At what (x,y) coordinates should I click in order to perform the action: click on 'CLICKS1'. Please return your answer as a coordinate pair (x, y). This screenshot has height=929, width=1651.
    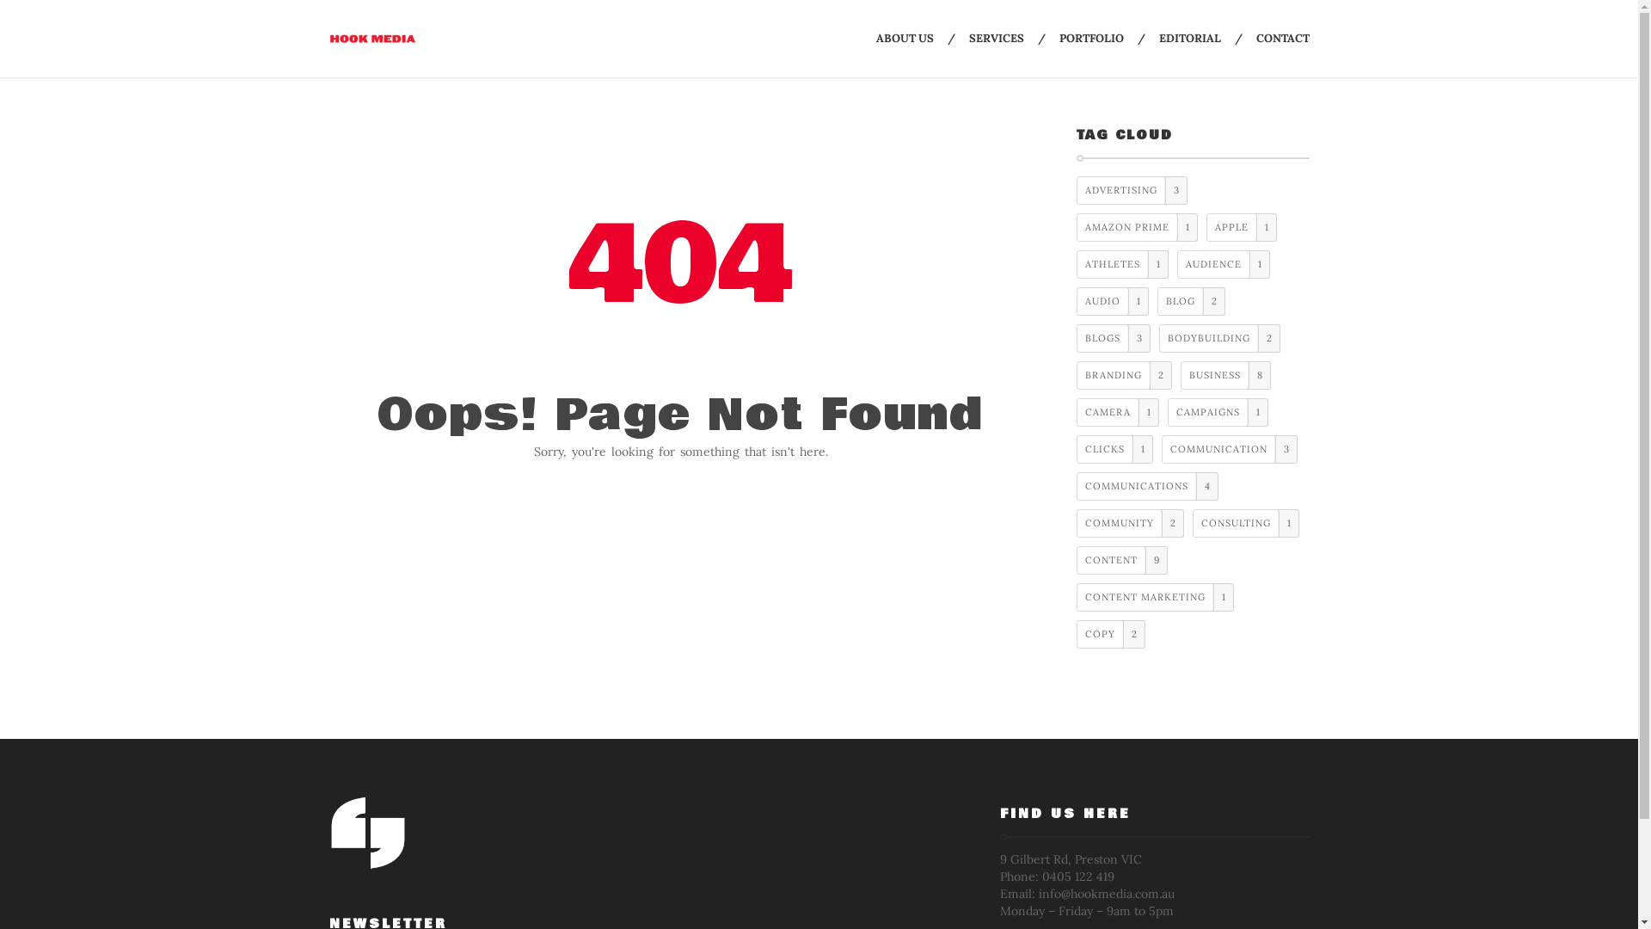
    Looking at the image, I should click on (1114, 448).